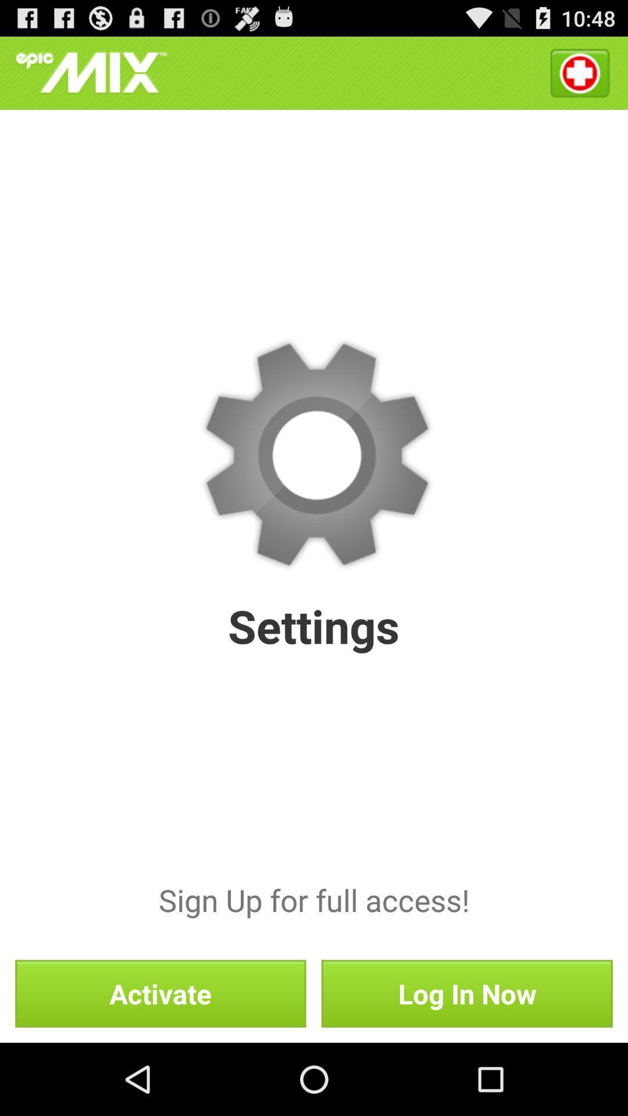 Image resolution: width=628 pixels, height=1116 pixels. What do you see at coordinates (466, 993) in the screenshot?
I see `log in now item` at bounding box center [466, 993].